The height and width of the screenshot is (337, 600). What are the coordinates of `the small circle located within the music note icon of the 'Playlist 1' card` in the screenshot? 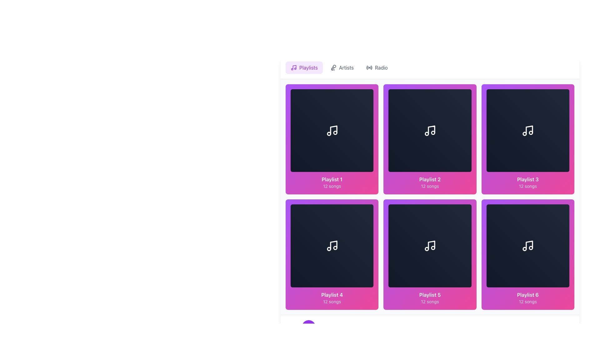 It's located at (335, 132).